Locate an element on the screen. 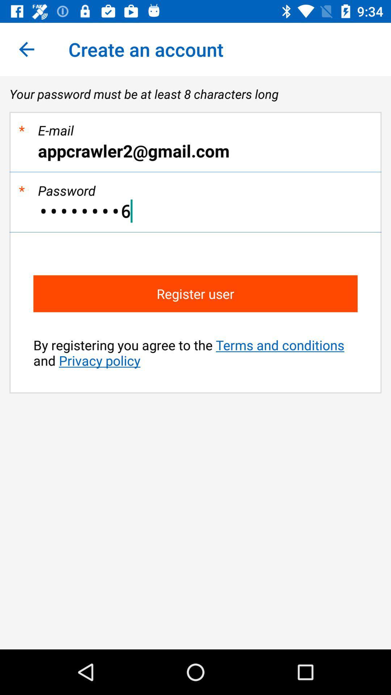 This screenshot has width=391, height=695. the item below the * is located at coordinates (195, 150).